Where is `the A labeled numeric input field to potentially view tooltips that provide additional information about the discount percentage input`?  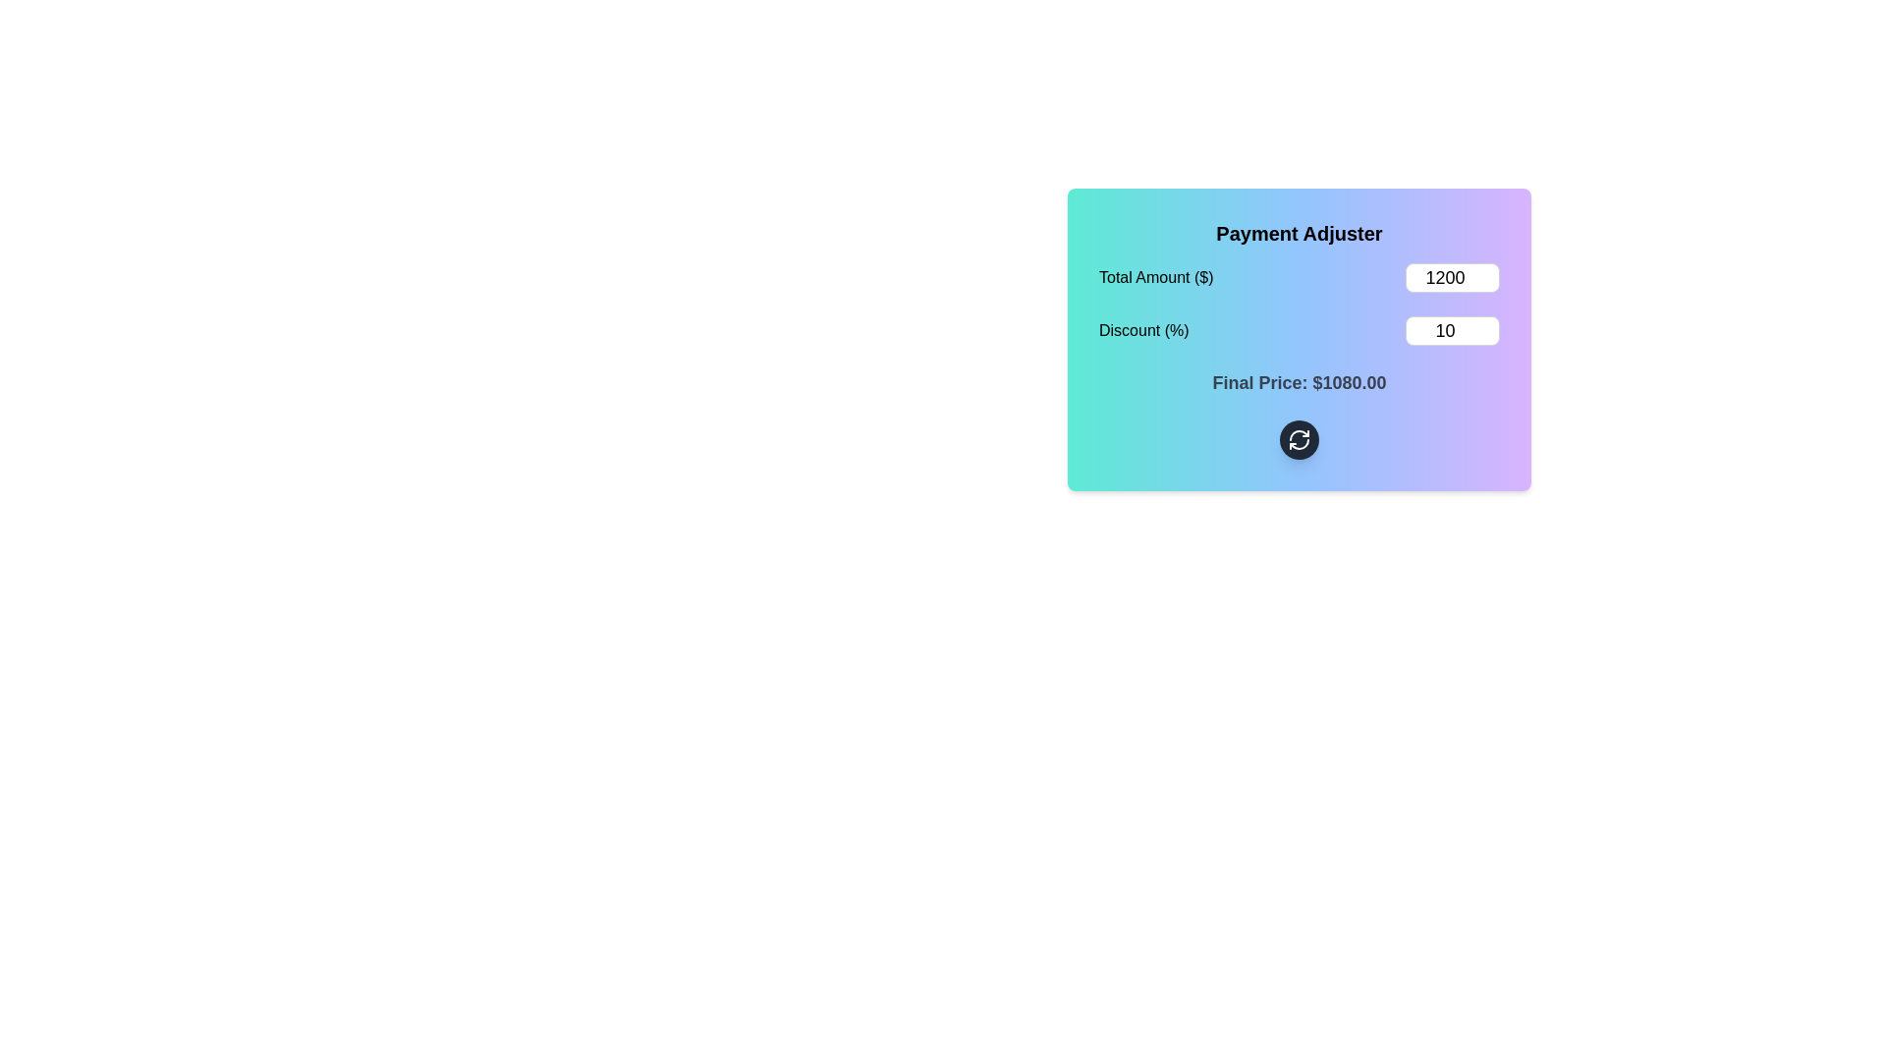
the A labeled numeric input field to potentially view tooltips that provide additional information about the discount percentage input is located at coordinates (1300, 329).